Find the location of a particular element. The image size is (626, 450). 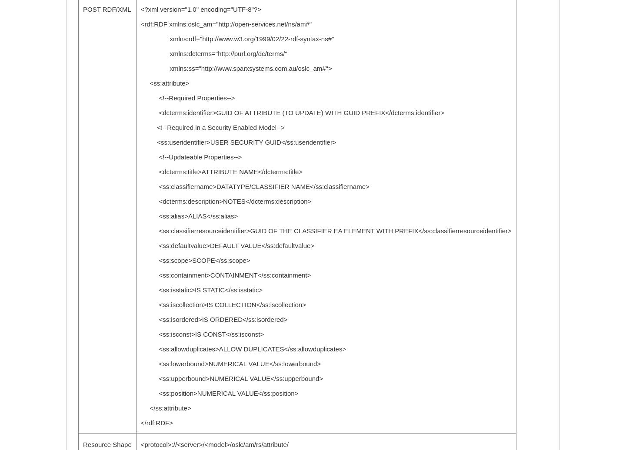

'<ss:isstatic>IS STATIC</ss:isstatic>' is located at coordinates (140, 290).